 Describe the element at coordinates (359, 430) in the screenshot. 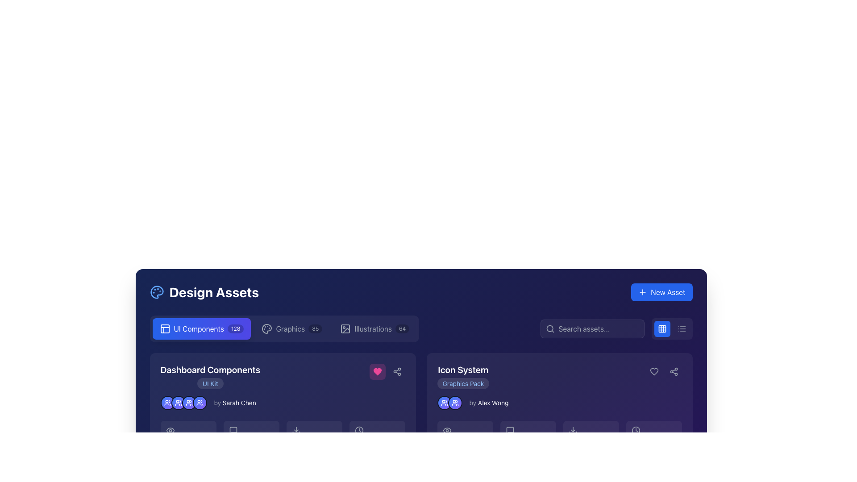

I see `the clock-like icon, which features a minimalistic design with a gray circular outline and clock hands, located to the left of the text '2h ago.'` at that location.